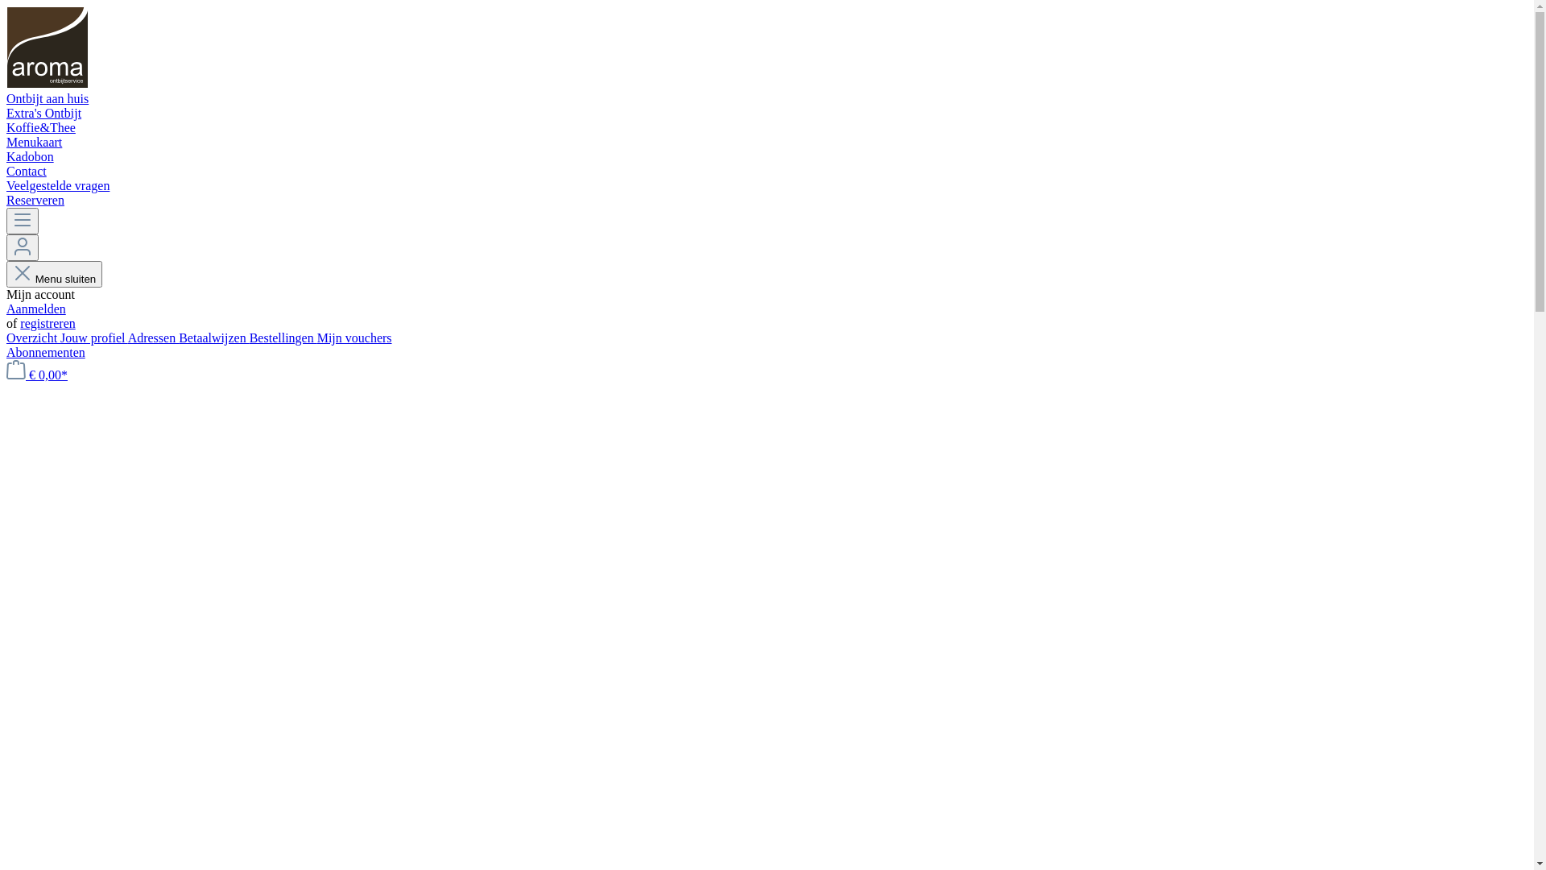  Describe the element at coordinates (23, 247) in the screenshot. I see `'Mijn account'` at that location.